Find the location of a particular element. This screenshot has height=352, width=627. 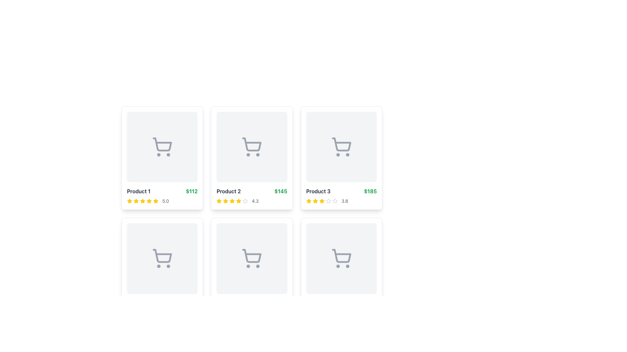

the first star icon in the rating section of the first product card in the second row of the grid layout, which visually represents a rating is located at coordinates (149, 201).